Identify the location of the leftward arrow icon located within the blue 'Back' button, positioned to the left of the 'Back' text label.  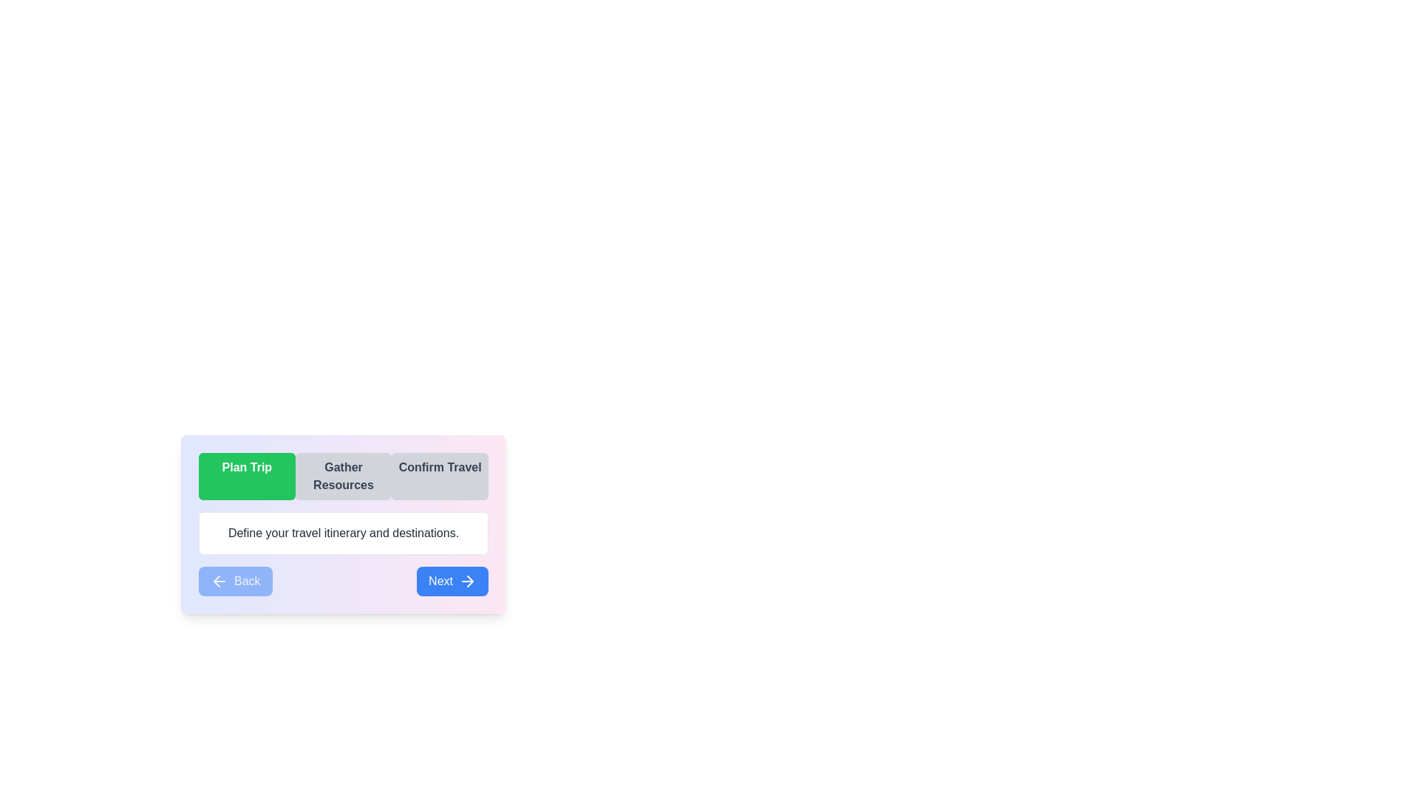
(219, 580).